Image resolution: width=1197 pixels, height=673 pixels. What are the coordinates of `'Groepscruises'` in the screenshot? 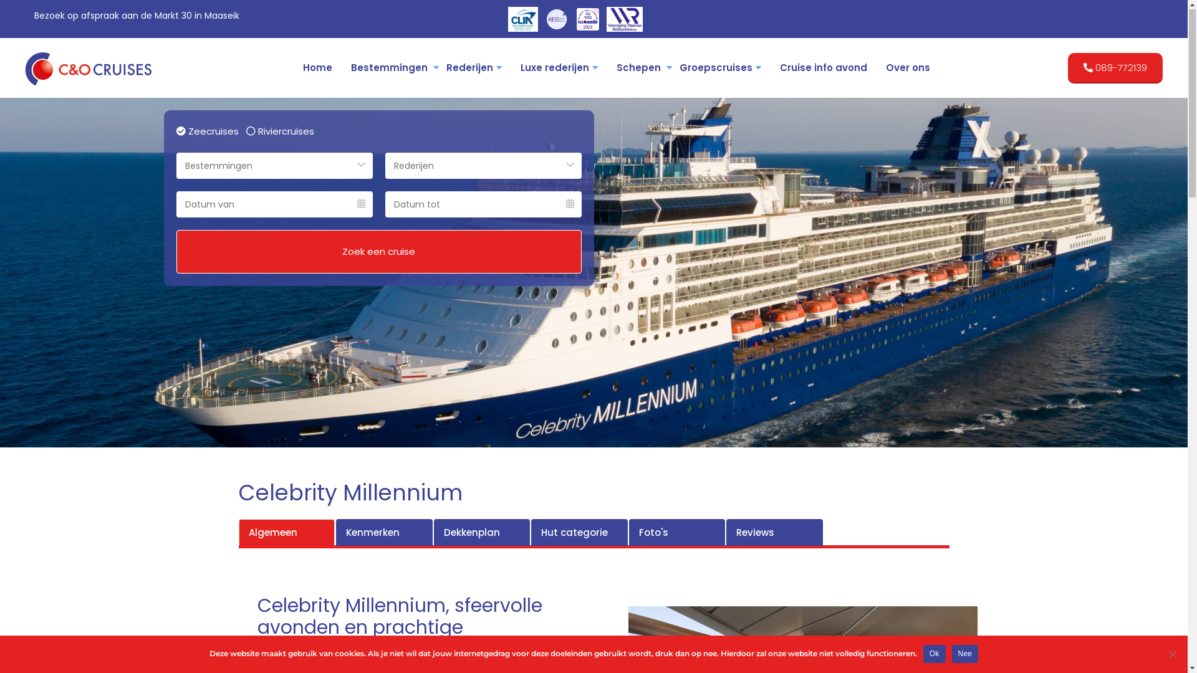 It's located at (670, 69).